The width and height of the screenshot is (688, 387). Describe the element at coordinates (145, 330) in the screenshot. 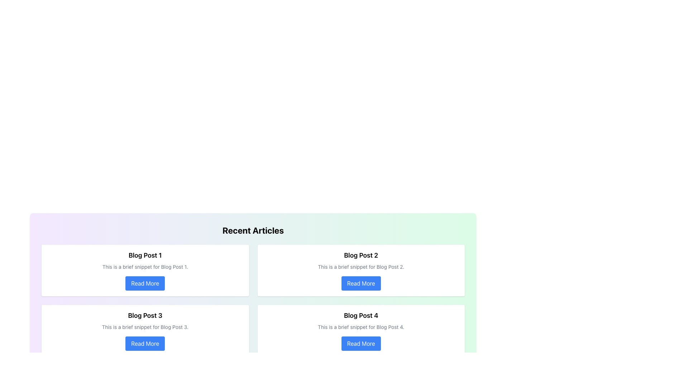

I see `the content card that represents the blog post overview, located in the first column of the second row, below the 'Blog Post 1' card` at that location.